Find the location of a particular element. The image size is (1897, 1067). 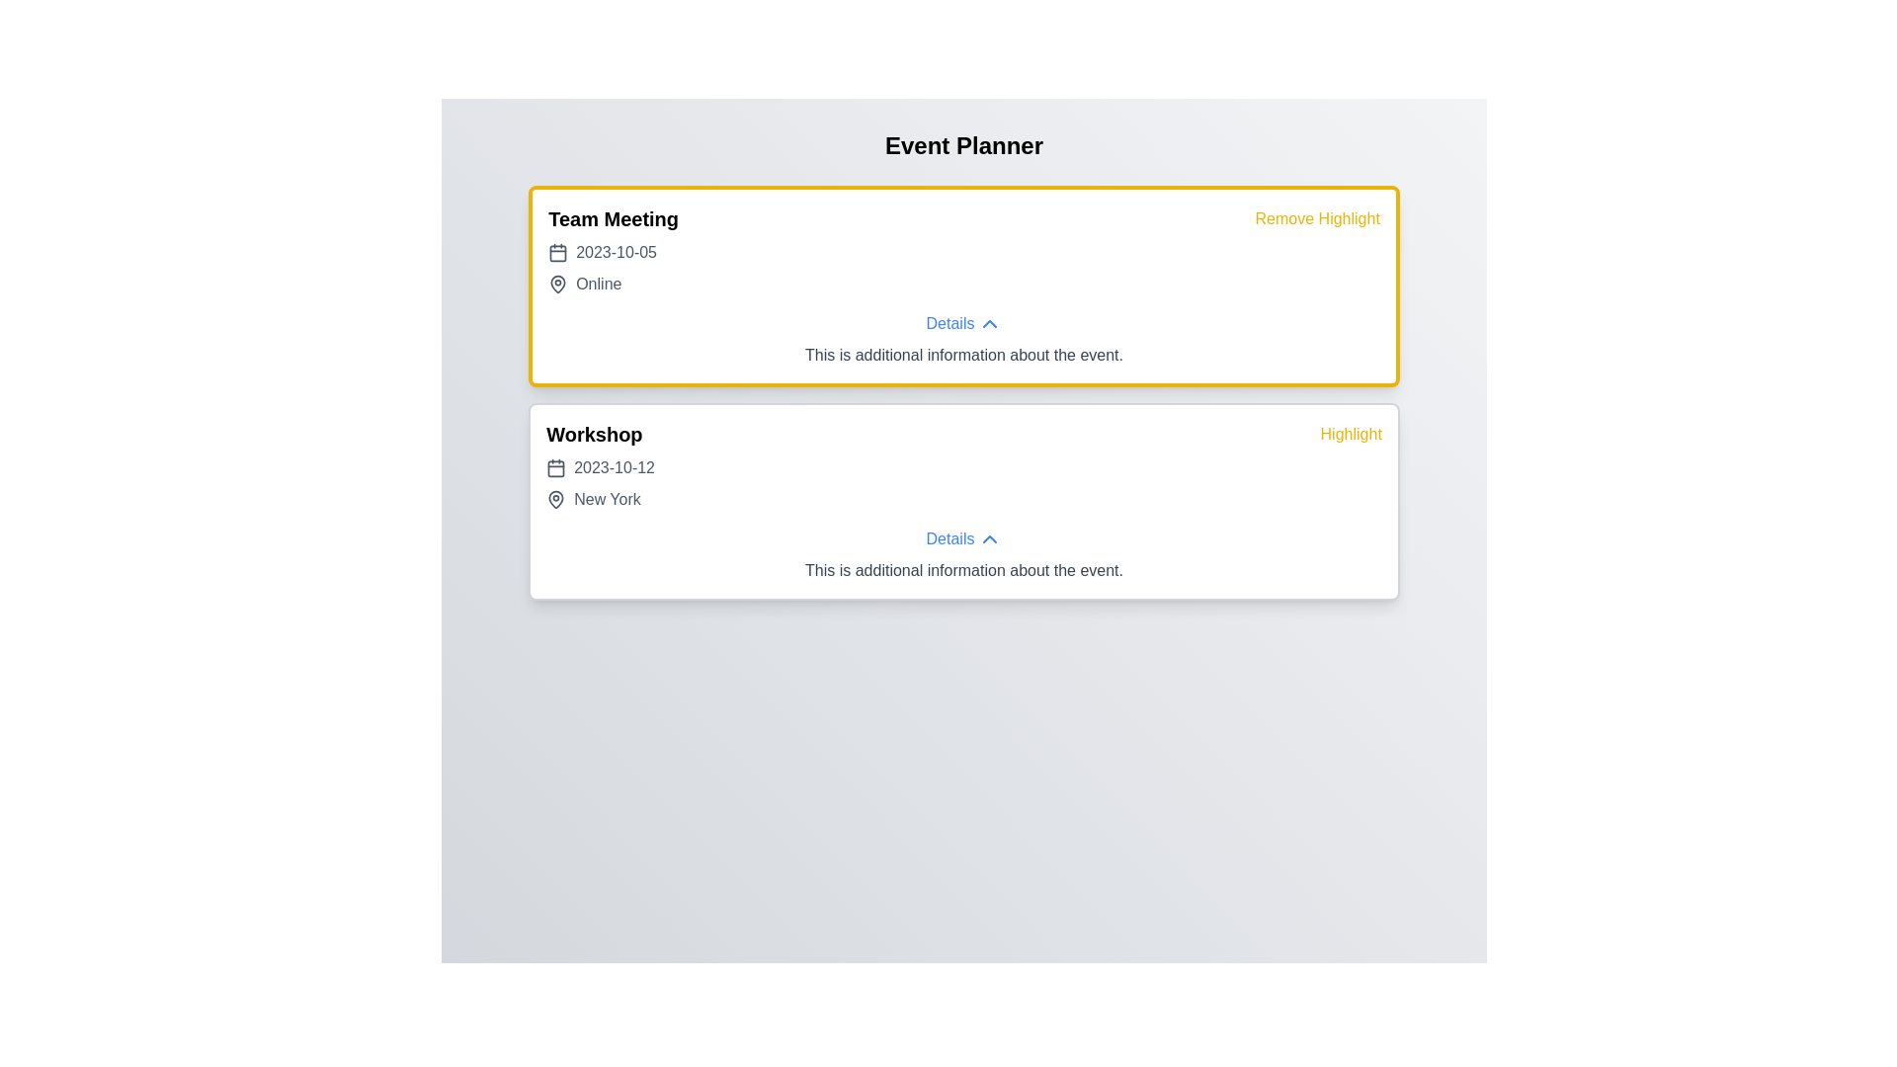

the text label displaying 'This is additional information about the event.' which is located beneath the 'Details' link in the event information card titled 'Team Meeting' is located at coordinates (963, 354).